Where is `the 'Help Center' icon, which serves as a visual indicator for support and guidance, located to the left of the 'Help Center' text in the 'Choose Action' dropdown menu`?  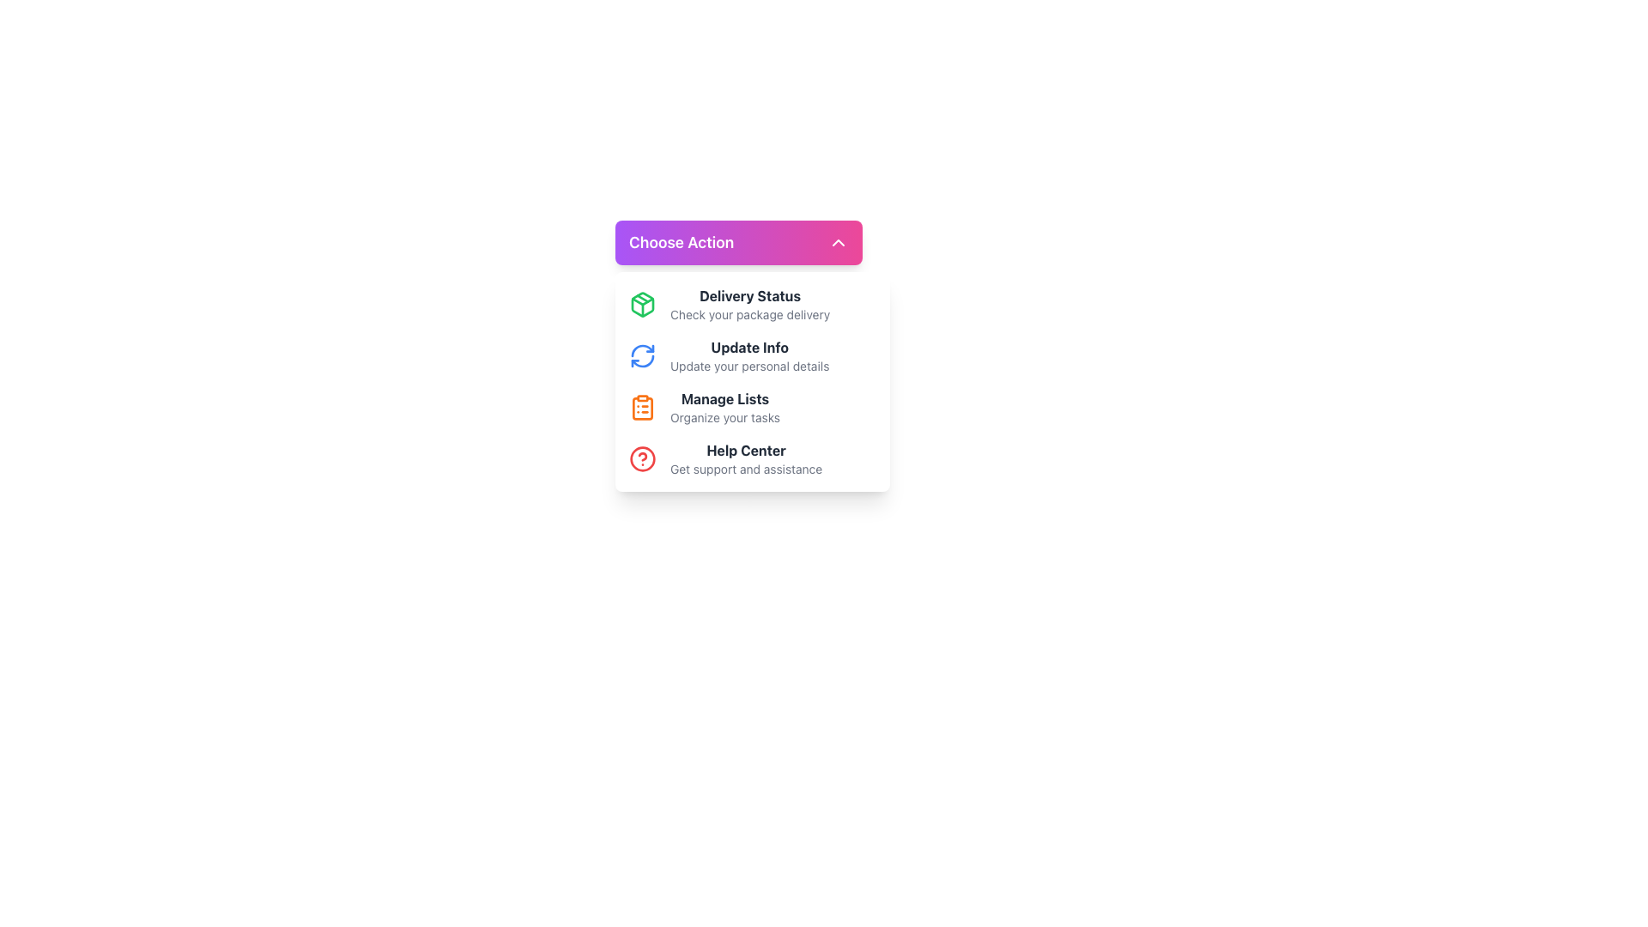
the 'Help Center' icon, which serves as a visual indicator for support and guidance, located to the left of the 'Help Center' text in the 'Choose Action' dropdown menu is located at coordinates (641, 458).